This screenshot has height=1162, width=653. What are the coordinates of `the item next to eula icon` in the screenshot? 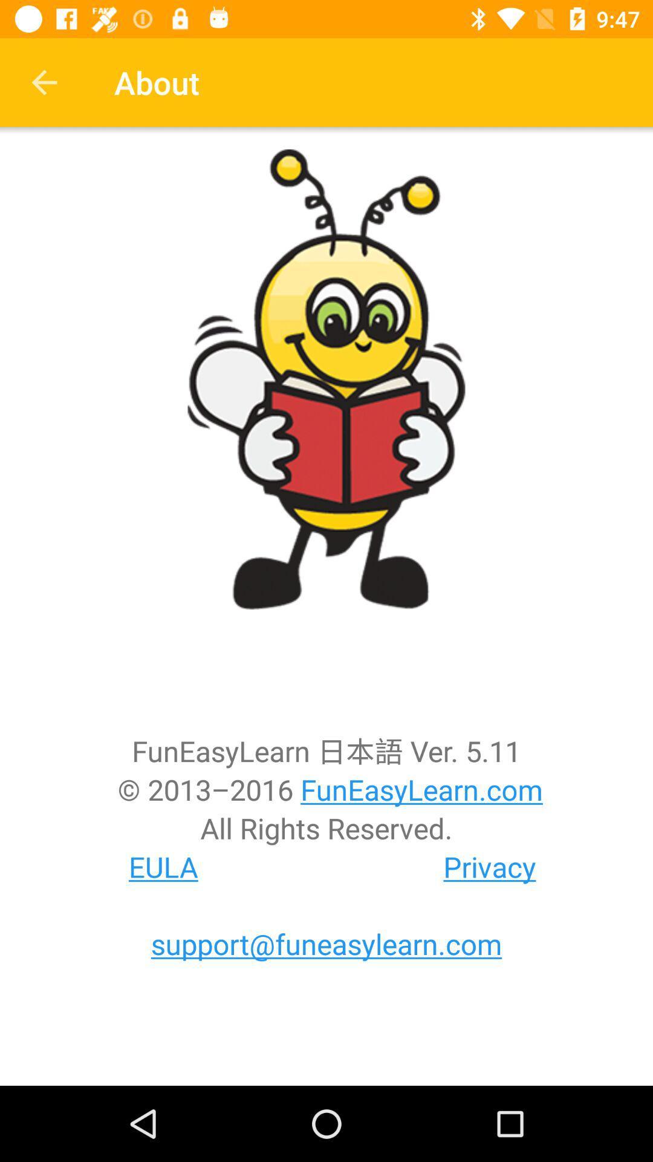 It's located at (490, 866).